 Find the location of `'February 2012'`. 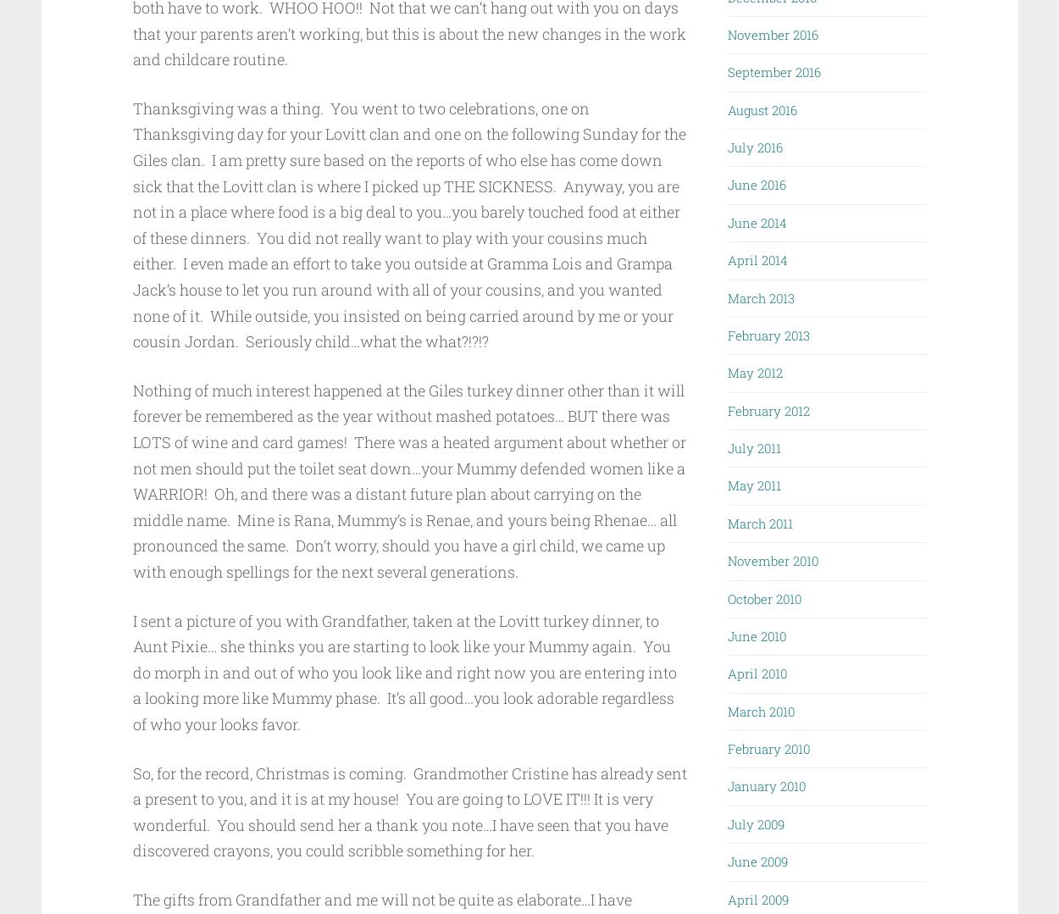

'February 2012' is located at coordinates (727, 409).